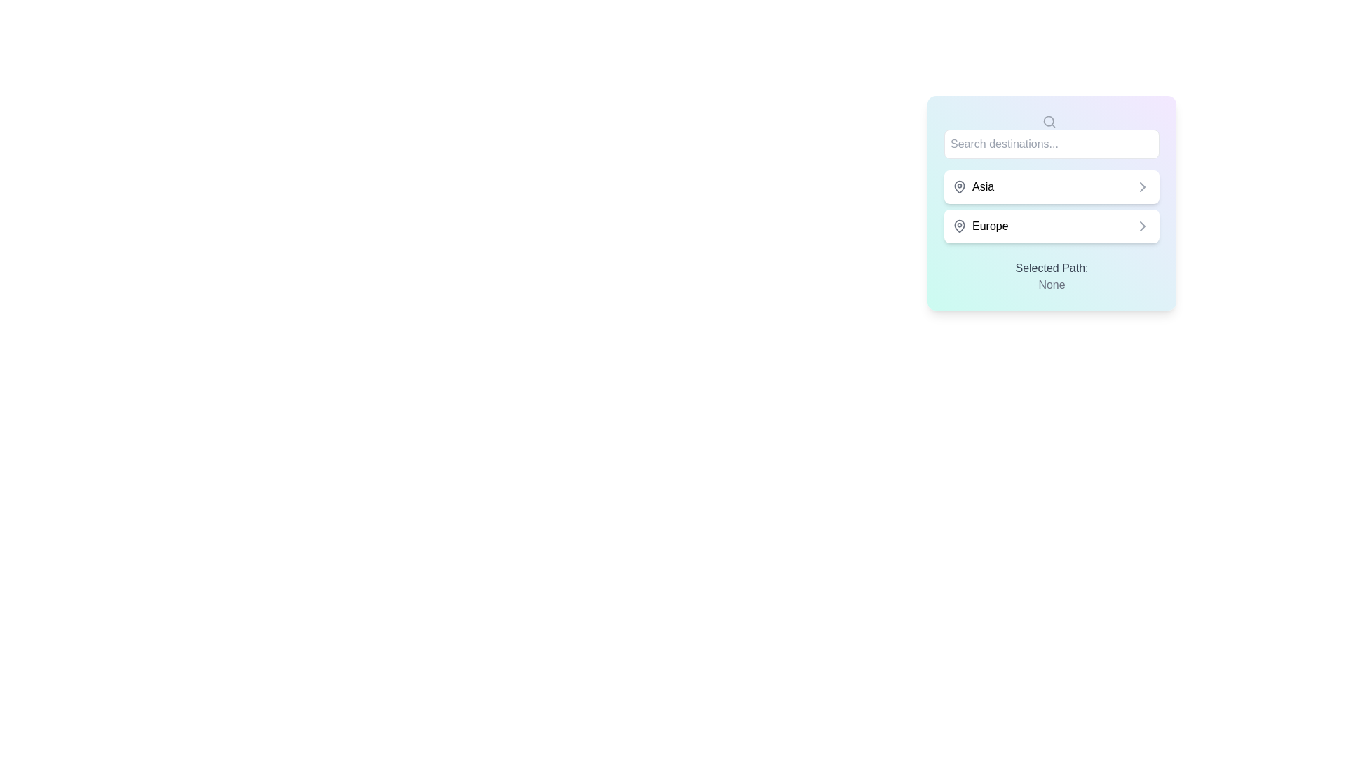 Image resolution: width=1346 pixels, height=757 pixels. What do you see at coordinates (1143, 186) in the screenshot?
I see `the right-facing chevron icon located at the far right of the list item labeled 'Asia'` at bounding box center [1143, 186].